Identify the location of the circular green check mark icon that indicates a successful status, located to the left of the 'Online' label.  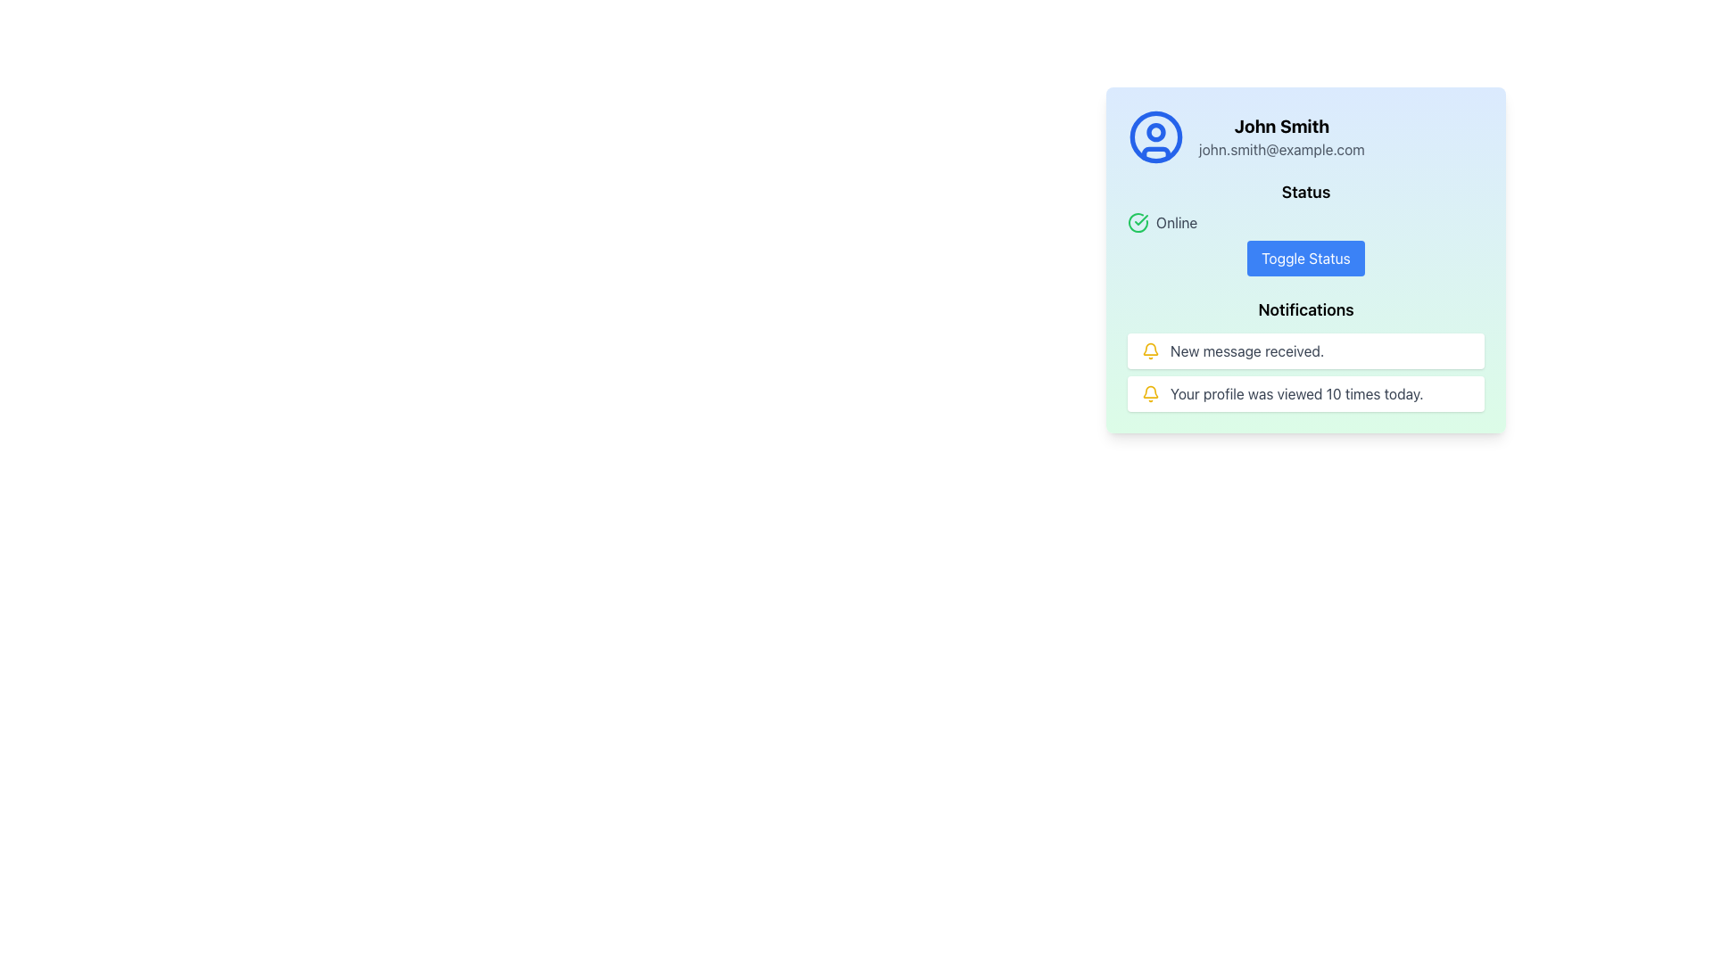
(1138, 222).